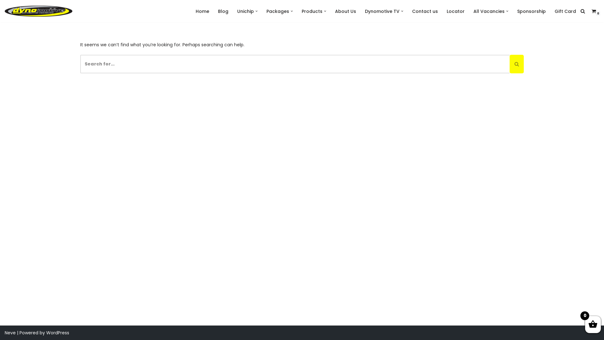  I want to click on 'Unichip', so click(245, 11).